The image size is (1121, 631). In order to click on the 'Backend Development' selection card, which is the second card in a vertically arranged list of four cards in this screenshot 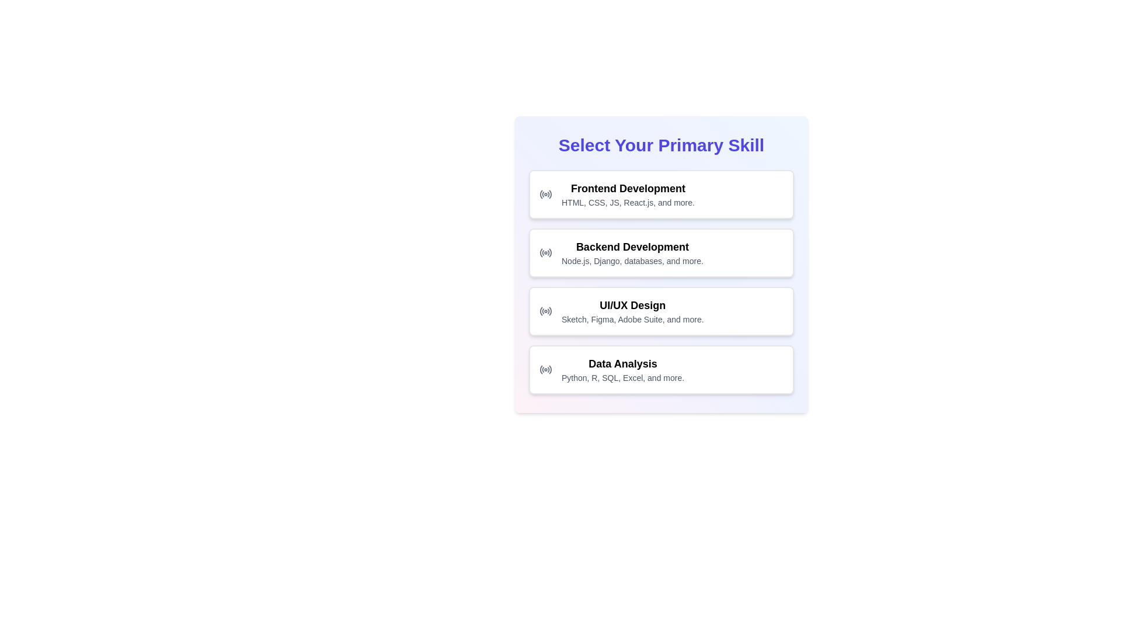, I will do `click(661, 264)`.